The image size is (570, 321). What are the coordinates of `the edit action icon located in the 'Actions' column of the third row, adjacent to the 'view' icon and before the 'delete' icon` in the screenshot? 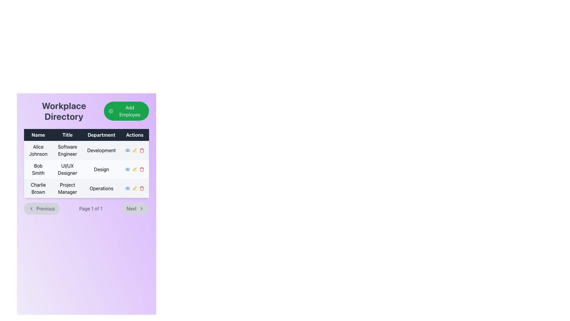 It's located at (134, 150).